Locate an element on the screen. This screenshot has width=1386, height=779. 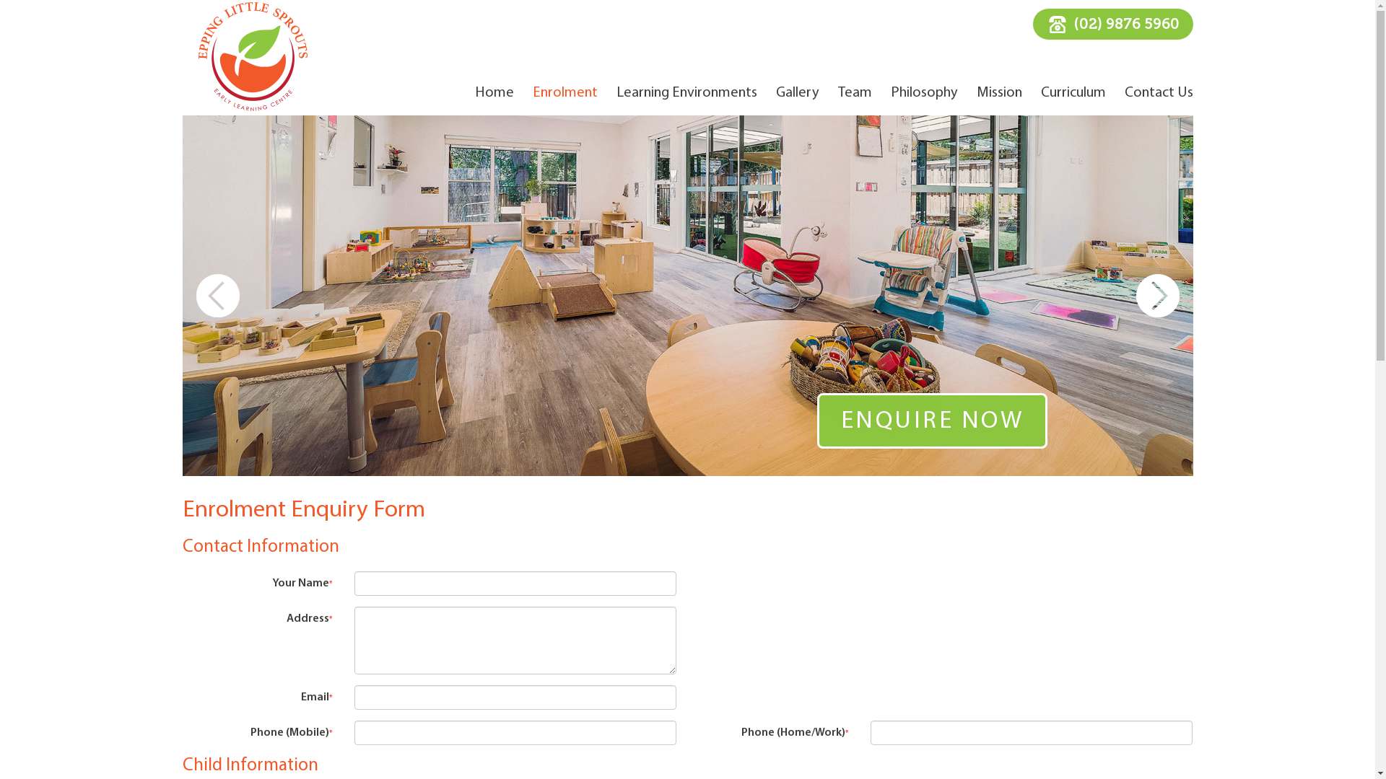
'(02) 9876 5960' is located at coordinates (1111, 24).